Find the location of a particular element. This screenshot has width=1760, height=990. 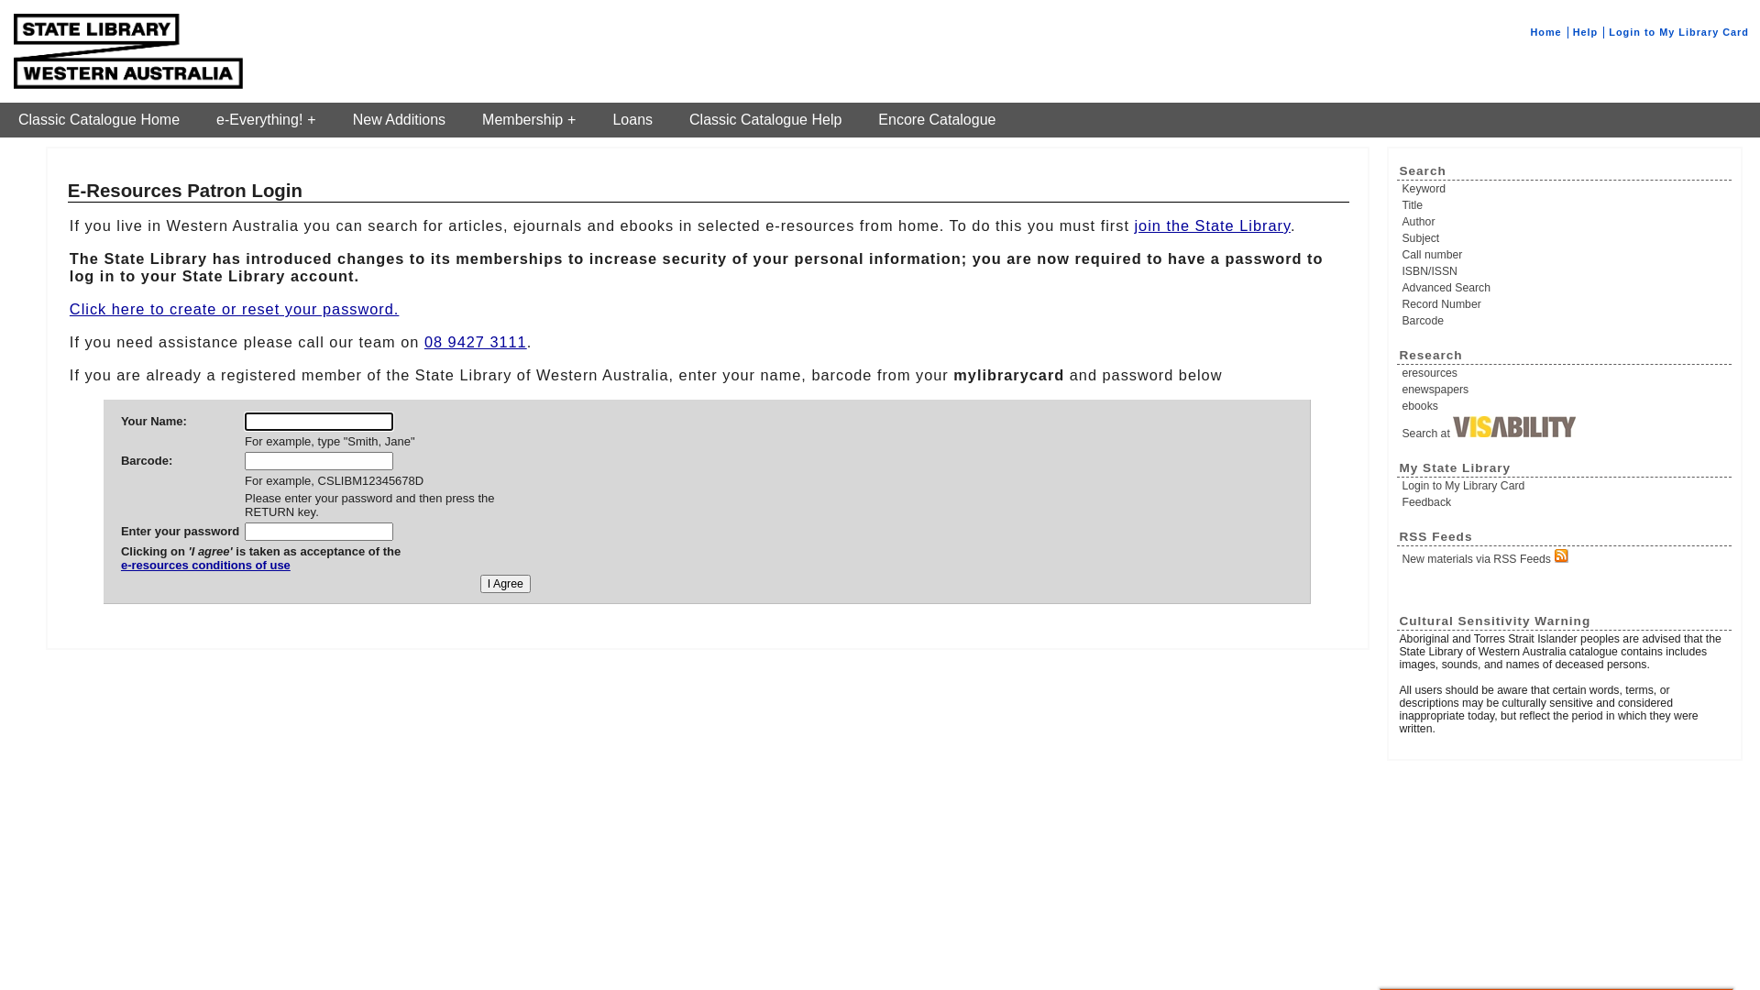

'New Additions' is located at coordinates (334, 120).